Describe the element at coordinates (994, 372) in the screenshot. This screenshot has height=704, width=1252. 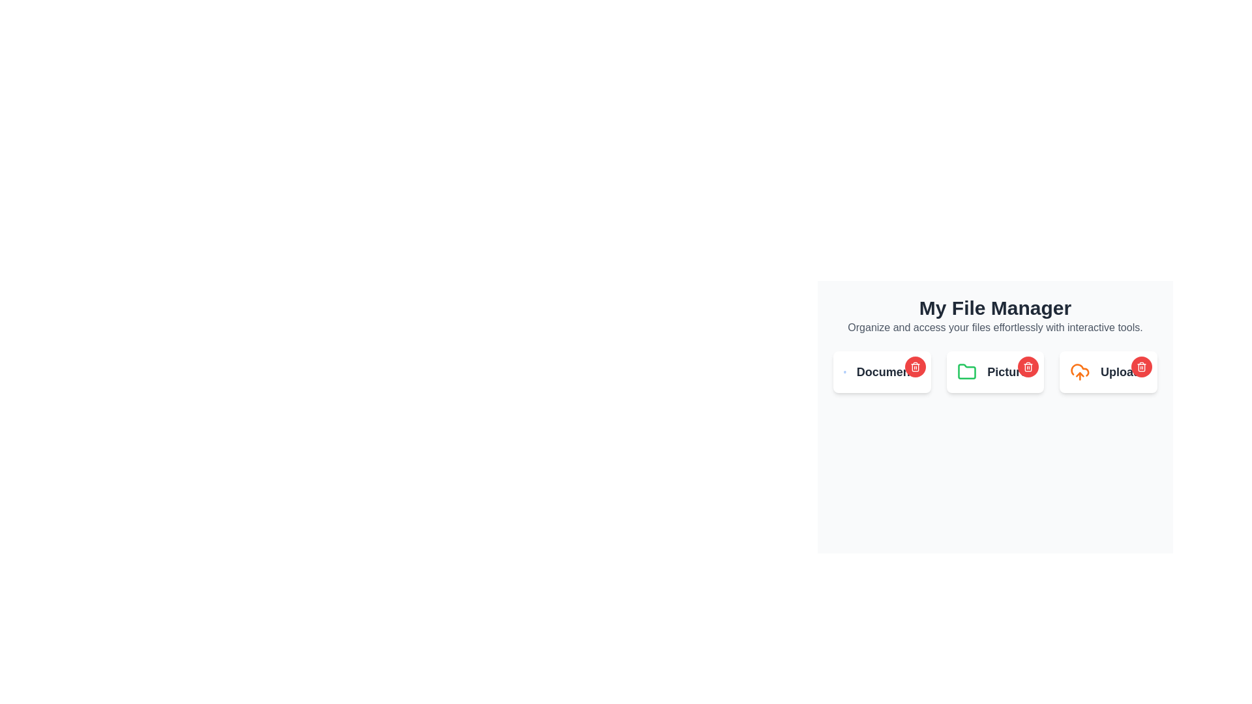
I see `the interactive card representing the 'Pictures' folder in the file manager interface` at that location.